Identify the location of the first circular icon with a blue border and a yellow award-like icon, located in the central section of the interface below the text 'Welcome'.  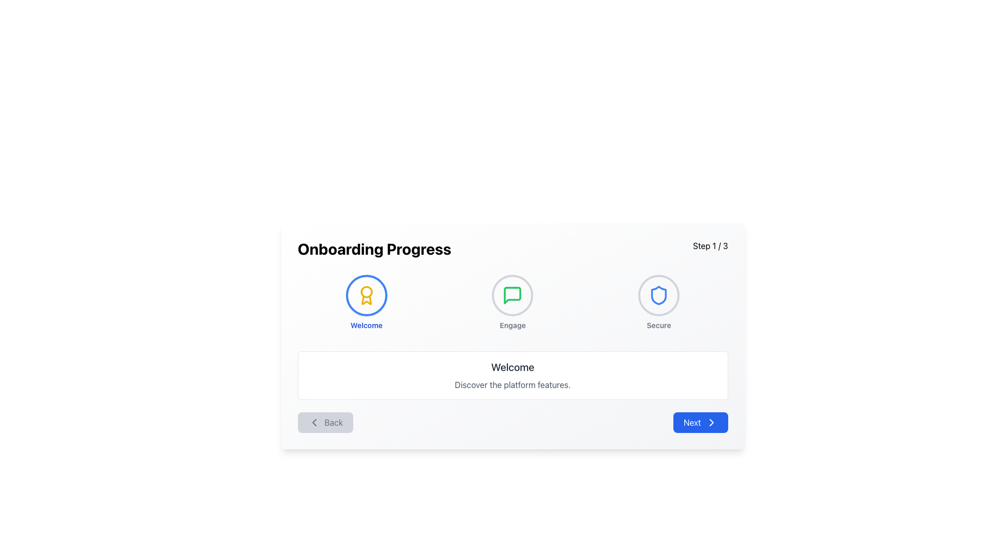
(366, 295).